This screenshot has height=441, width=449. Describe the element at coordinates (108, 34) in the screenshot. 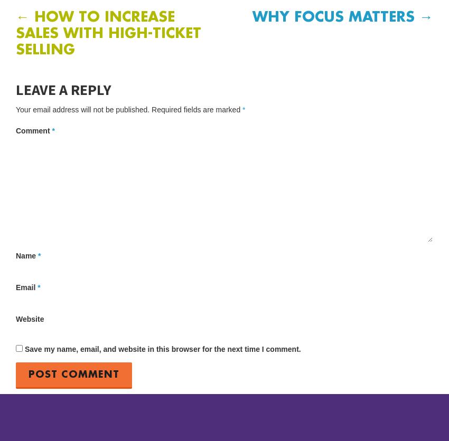

I see `'How to Increase Sales with High-Ticket Selling'` at that location.